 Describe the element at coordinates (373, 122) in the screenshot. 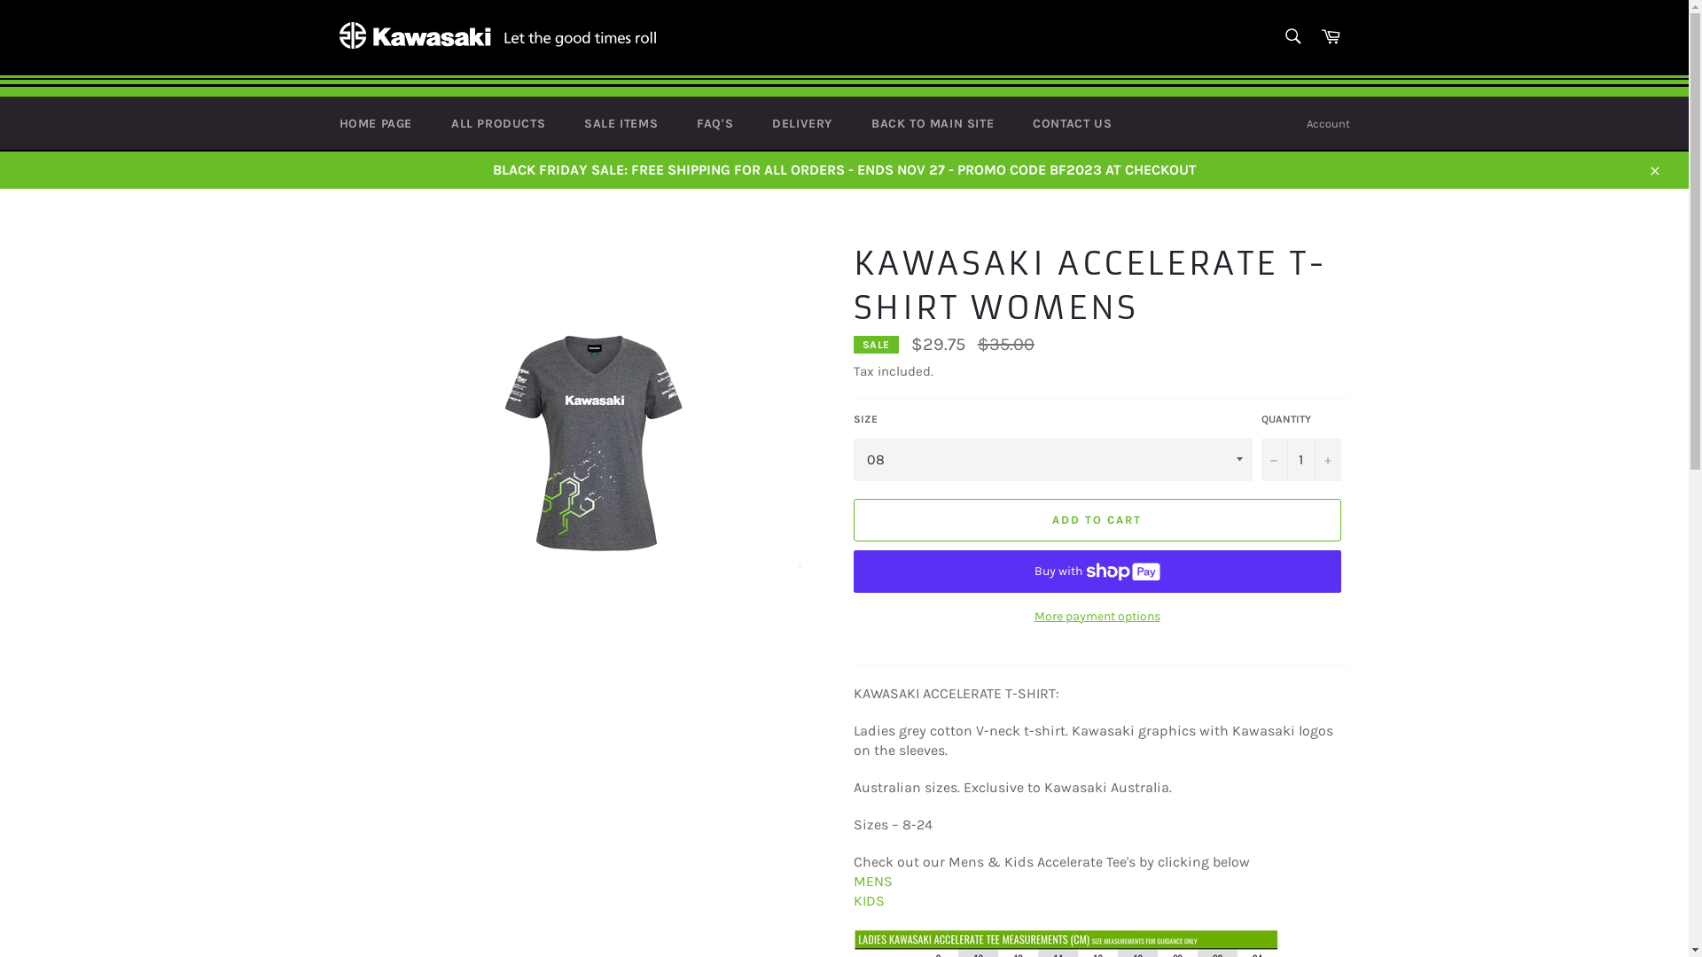

I see `'HOME PAGE'` at that location.